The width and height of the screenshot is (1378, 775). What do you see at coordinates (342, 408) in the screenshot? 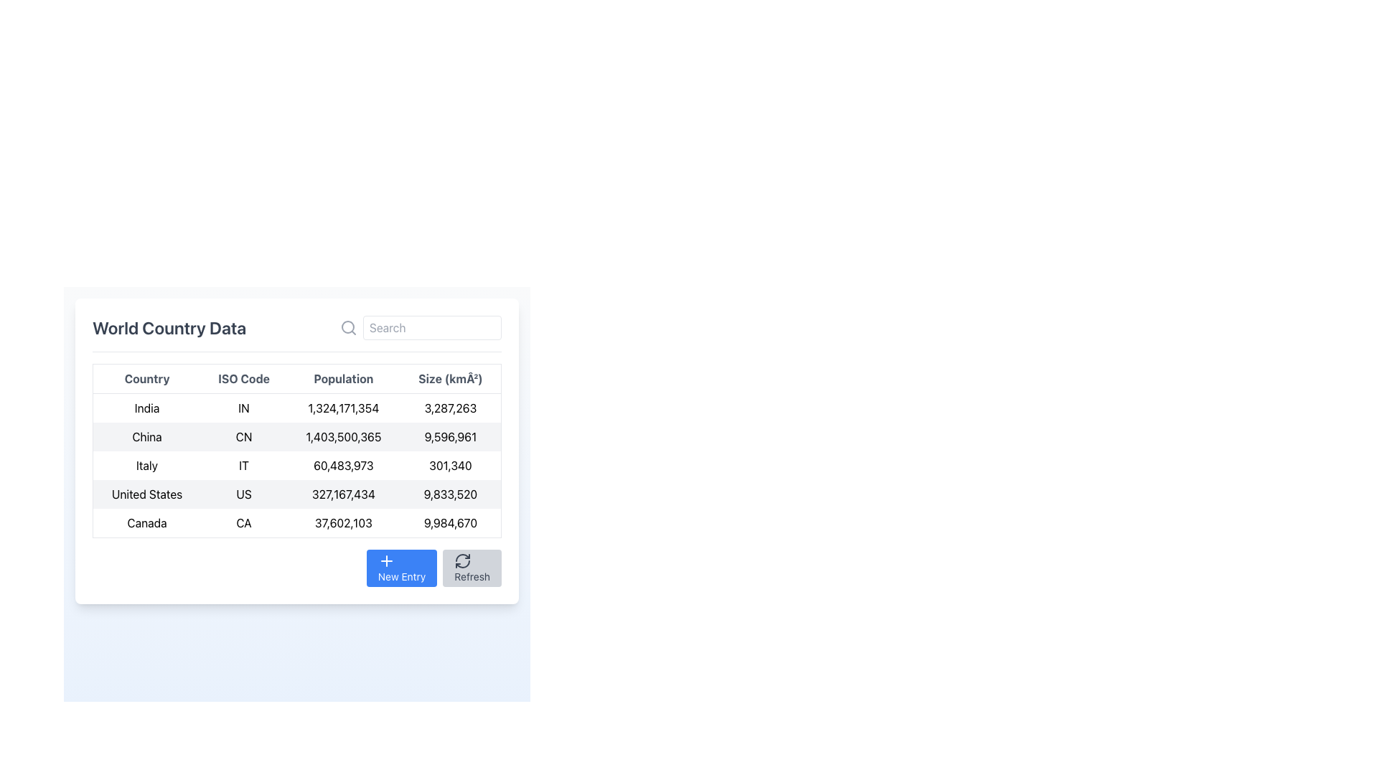
I see `the Text Display element showing the numeric value '1,324,171,354' in the 'Population' column for 'India' within the 'World Country Data' table` at bounding box center [342, 408].